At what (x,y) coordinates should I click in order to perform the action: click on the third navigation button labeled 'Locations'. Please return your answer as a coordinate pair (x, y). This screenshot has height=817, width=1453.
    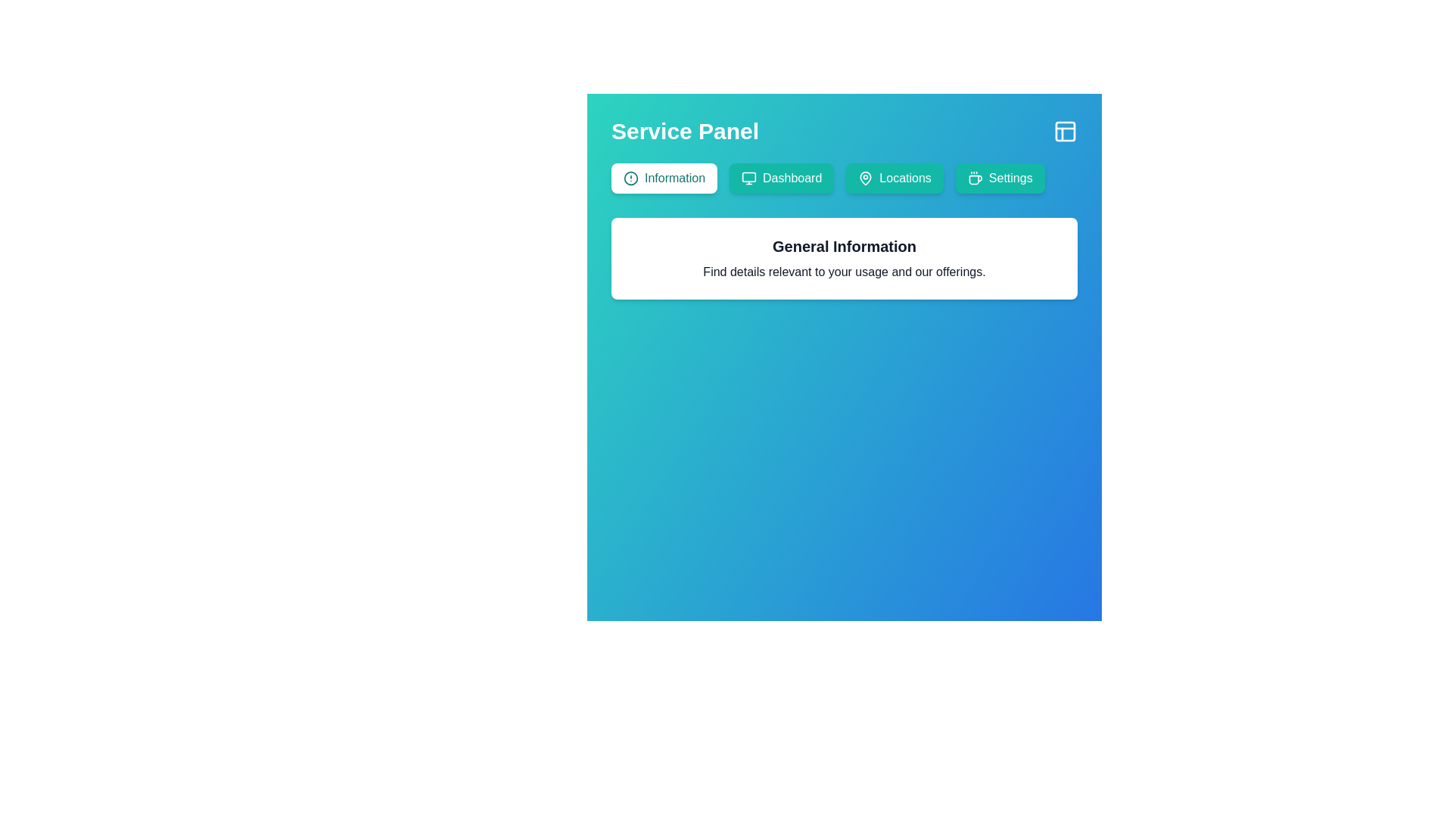
    Looking at the image, I should click on (895, 177).